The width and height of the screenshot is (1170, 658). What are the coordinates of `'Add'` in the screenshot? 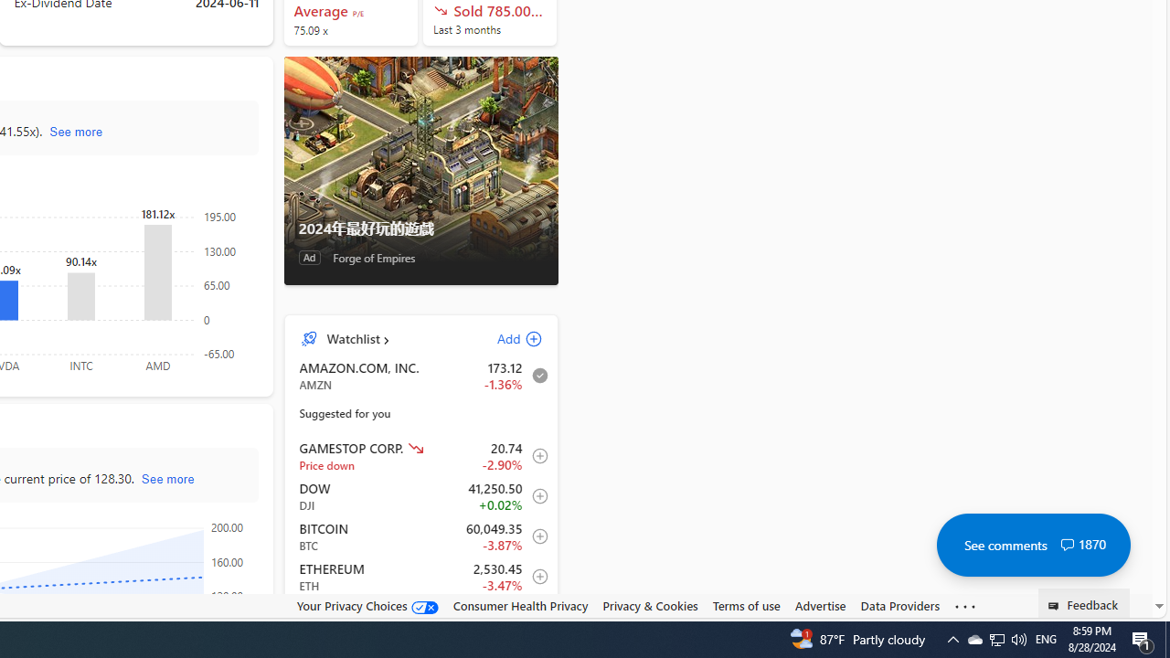 It's located at (504, 338).